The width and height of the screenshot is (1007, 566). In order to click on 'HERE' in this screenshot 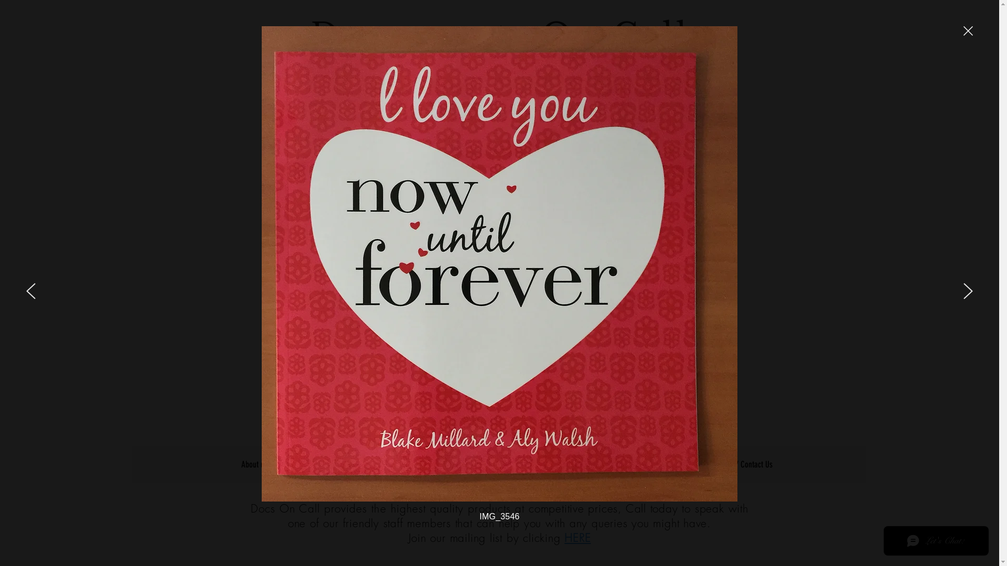, I will do `click(576, 538)`.